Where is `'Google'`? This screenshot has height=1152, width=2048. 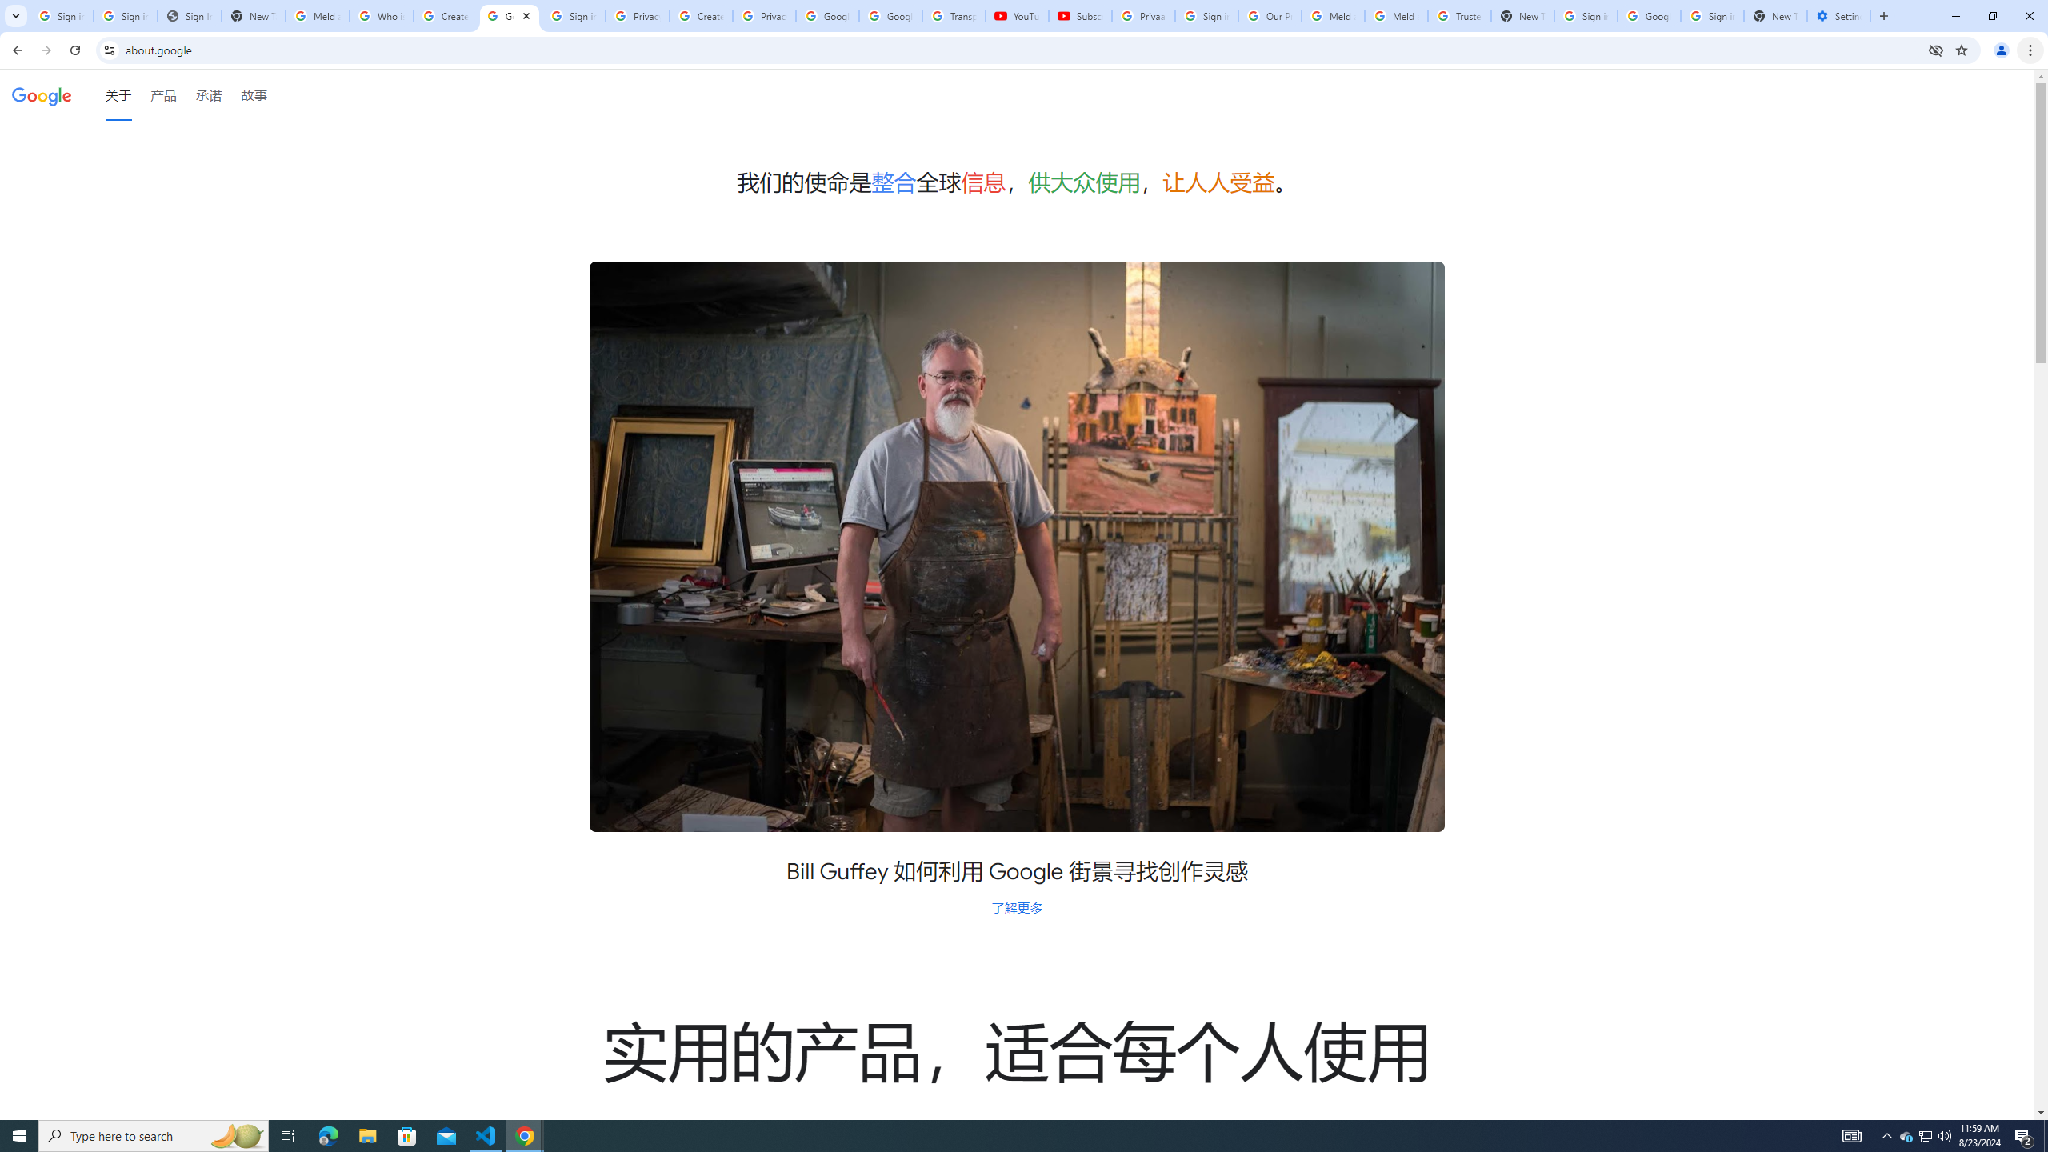 'Google' is located at coordinates (42, 94).